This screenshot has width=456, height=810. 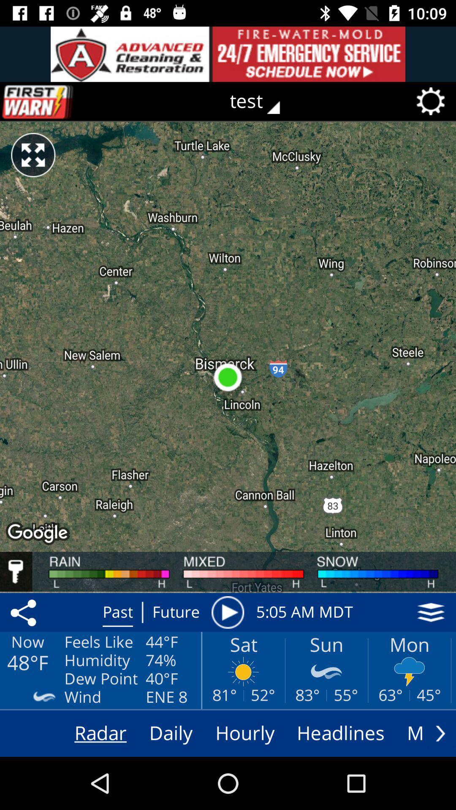 I want to click on daily, so click(x=171, y=733).